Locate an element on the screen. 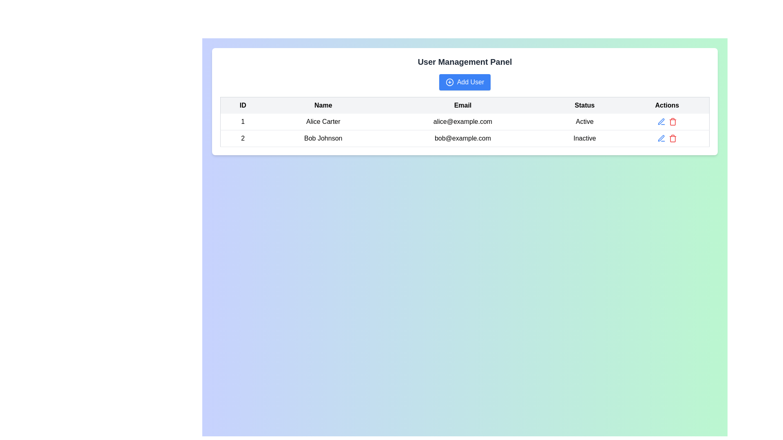  the blue 'Add User' button with rounded corners, located below the 'User Management Panel' heading, to observe any hover effect is located at coordinates (464, 82).